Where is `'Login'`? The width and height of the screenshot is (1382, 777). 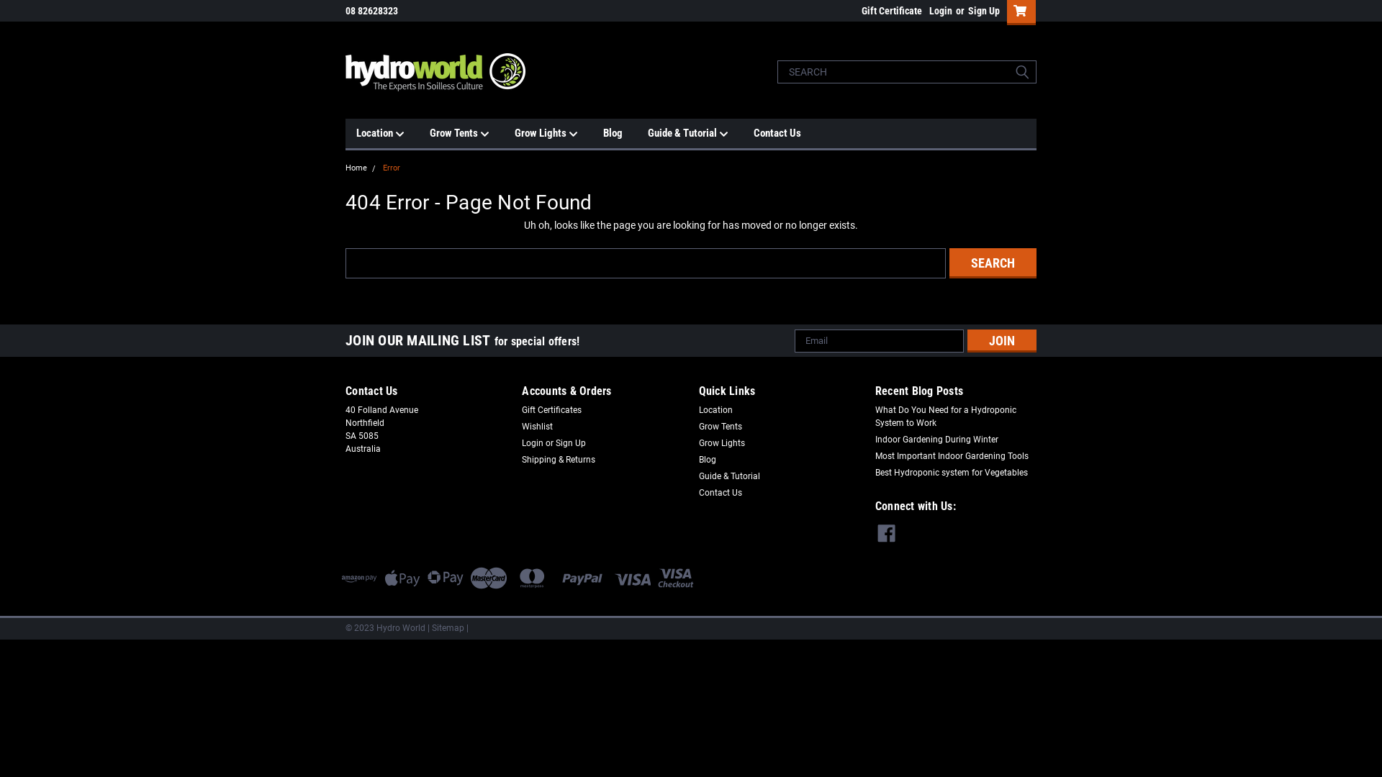
'Login' is located at coordinates (940, 11).